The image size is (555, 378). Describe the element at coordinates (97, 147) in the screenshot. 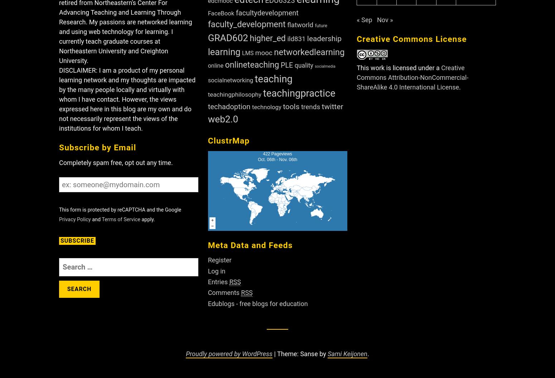

I see `'Subscribe by Email'` at that location.